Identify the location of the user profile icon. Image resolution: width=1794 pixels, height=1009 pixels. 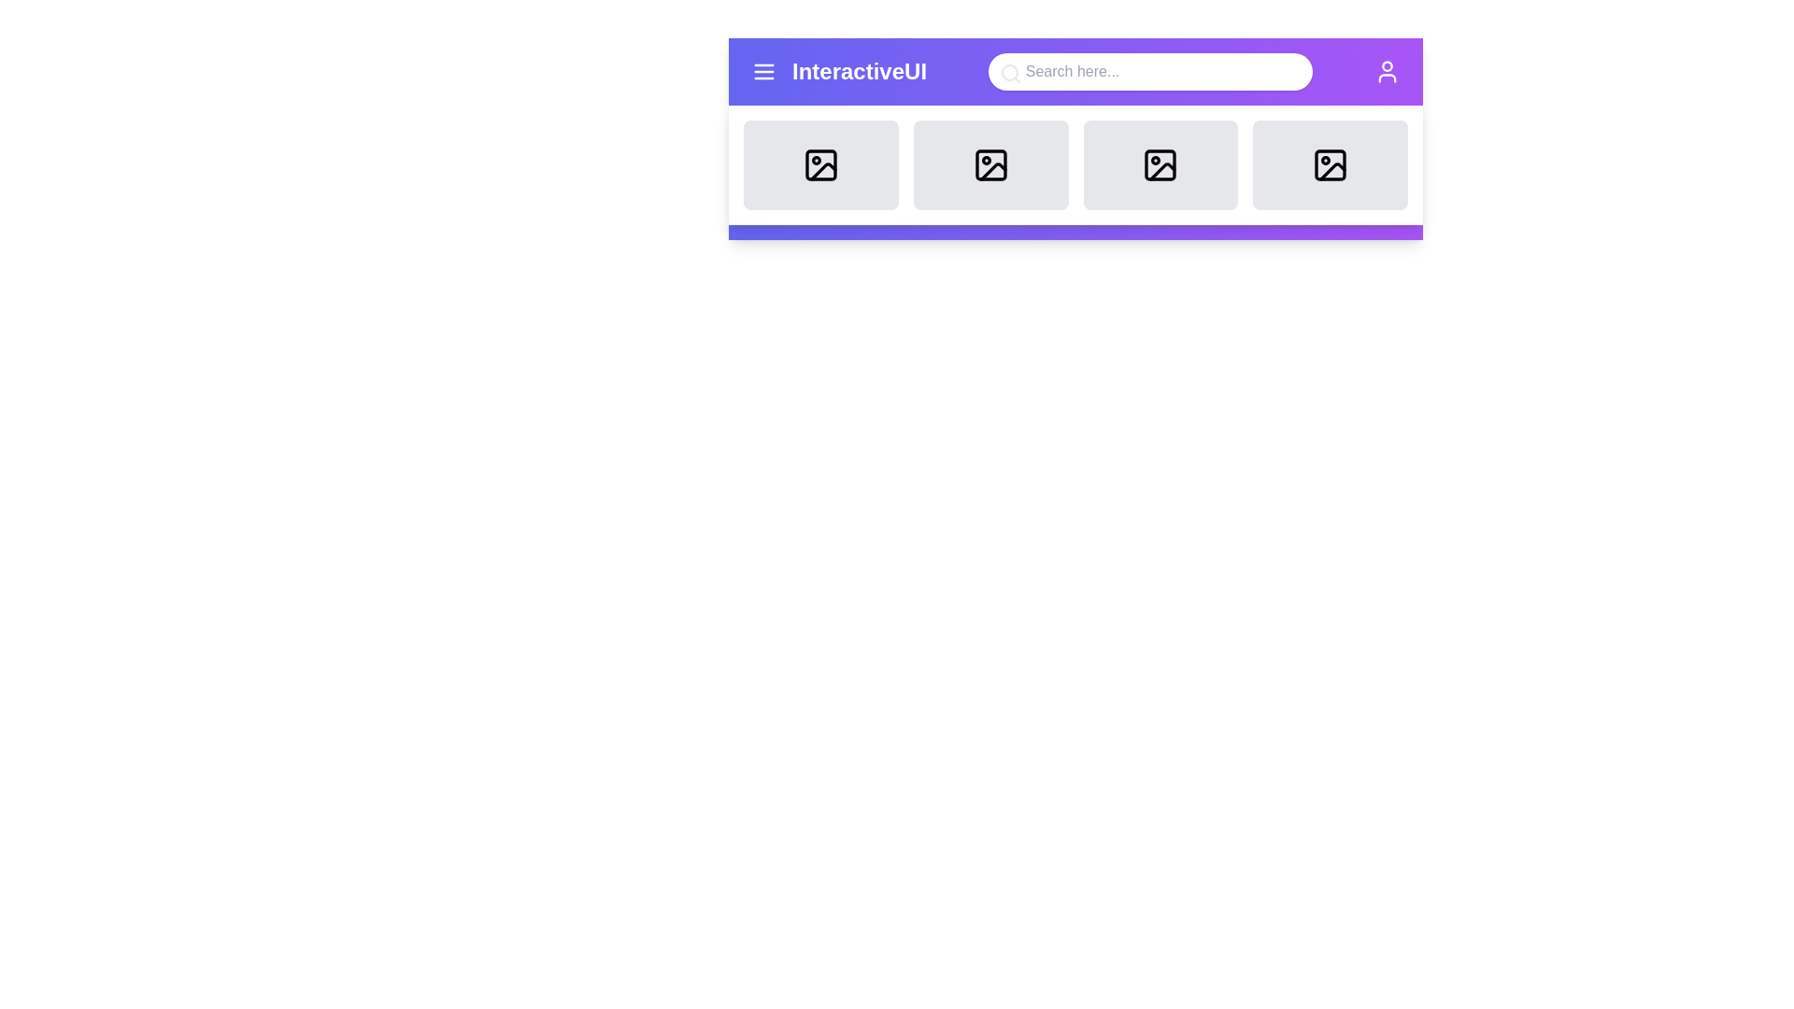
(1387, 71).